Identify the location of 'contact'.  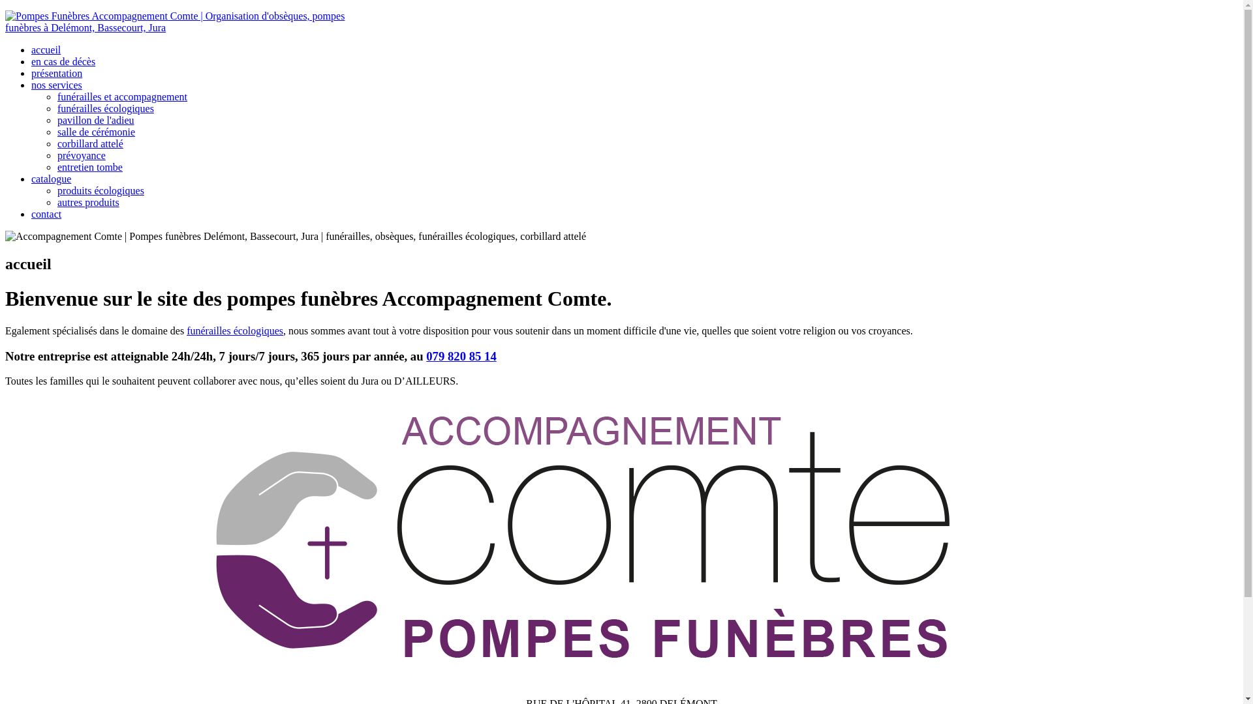
(46, 213).